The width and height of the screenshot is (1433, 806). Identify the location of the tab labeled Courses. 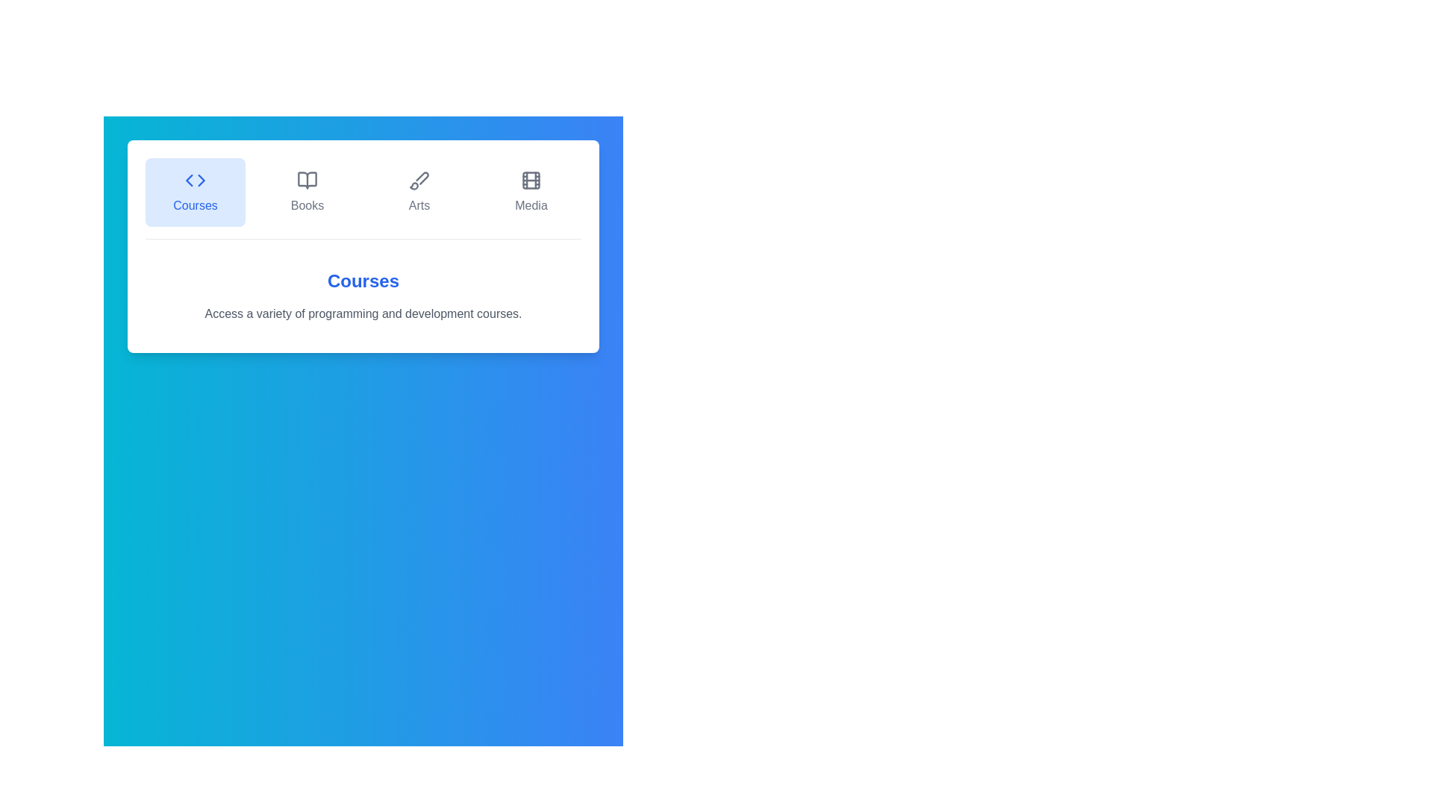
(195, 192).